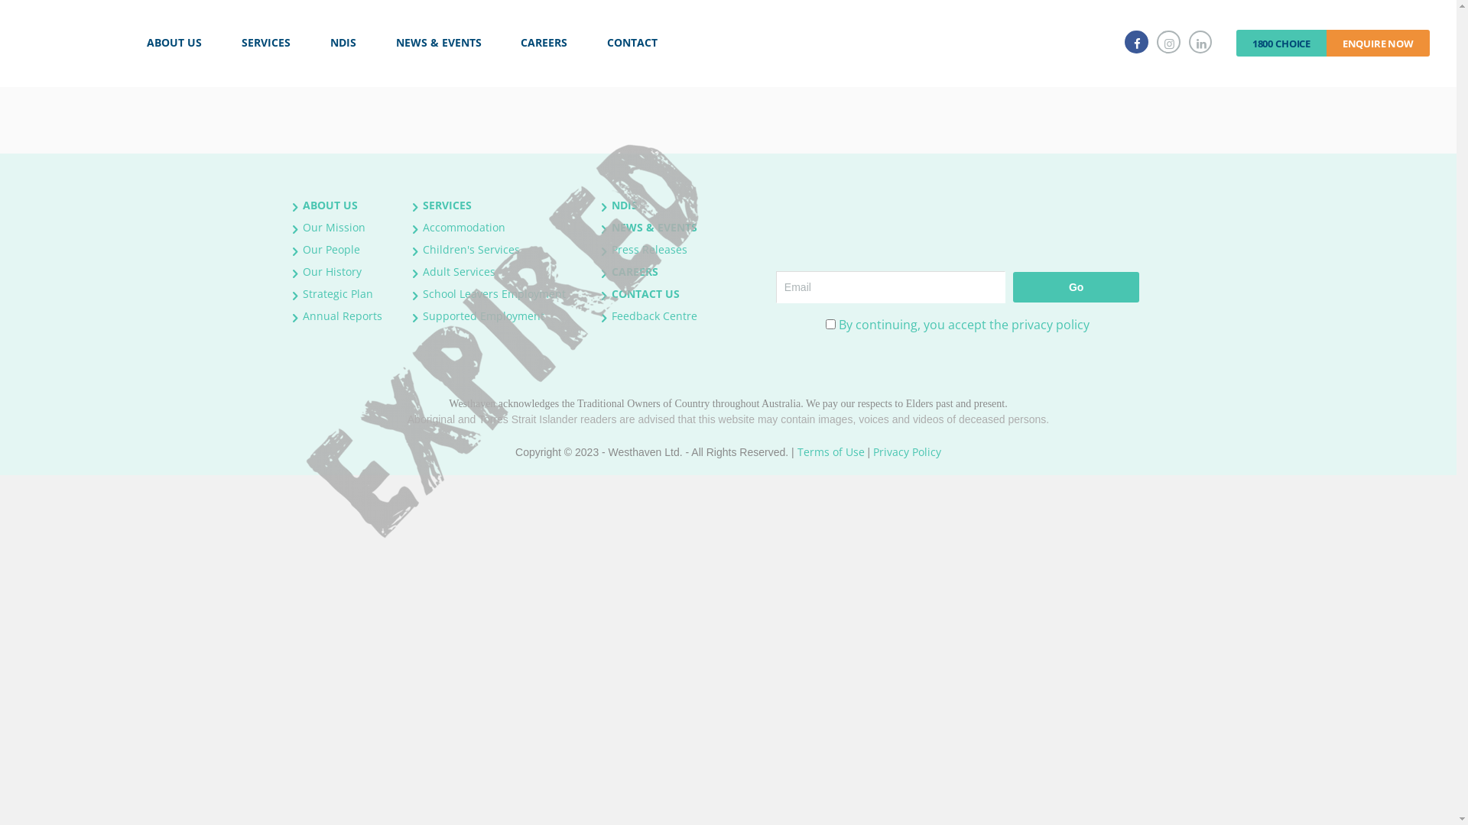 The width and height of the screenshot is (1468, 825). Describe the element at coordinates (330, 204) in the screenshot. I see `'ABOUT US'` at that location.